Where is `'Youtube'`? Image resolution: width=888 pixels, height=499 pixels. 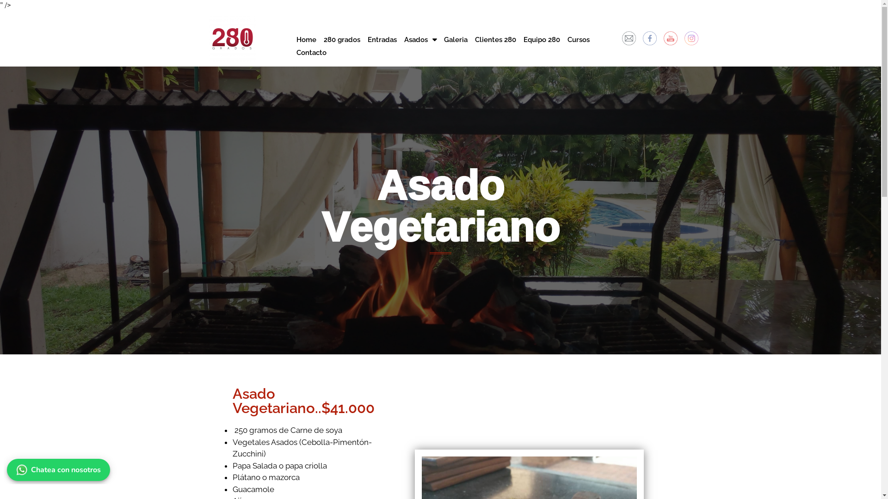 'Youtube' is located at coordinates (670, 38).